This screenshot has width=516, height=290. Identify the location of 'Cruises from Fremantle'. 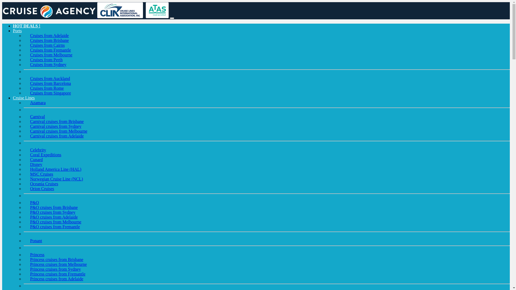
(50, 50).